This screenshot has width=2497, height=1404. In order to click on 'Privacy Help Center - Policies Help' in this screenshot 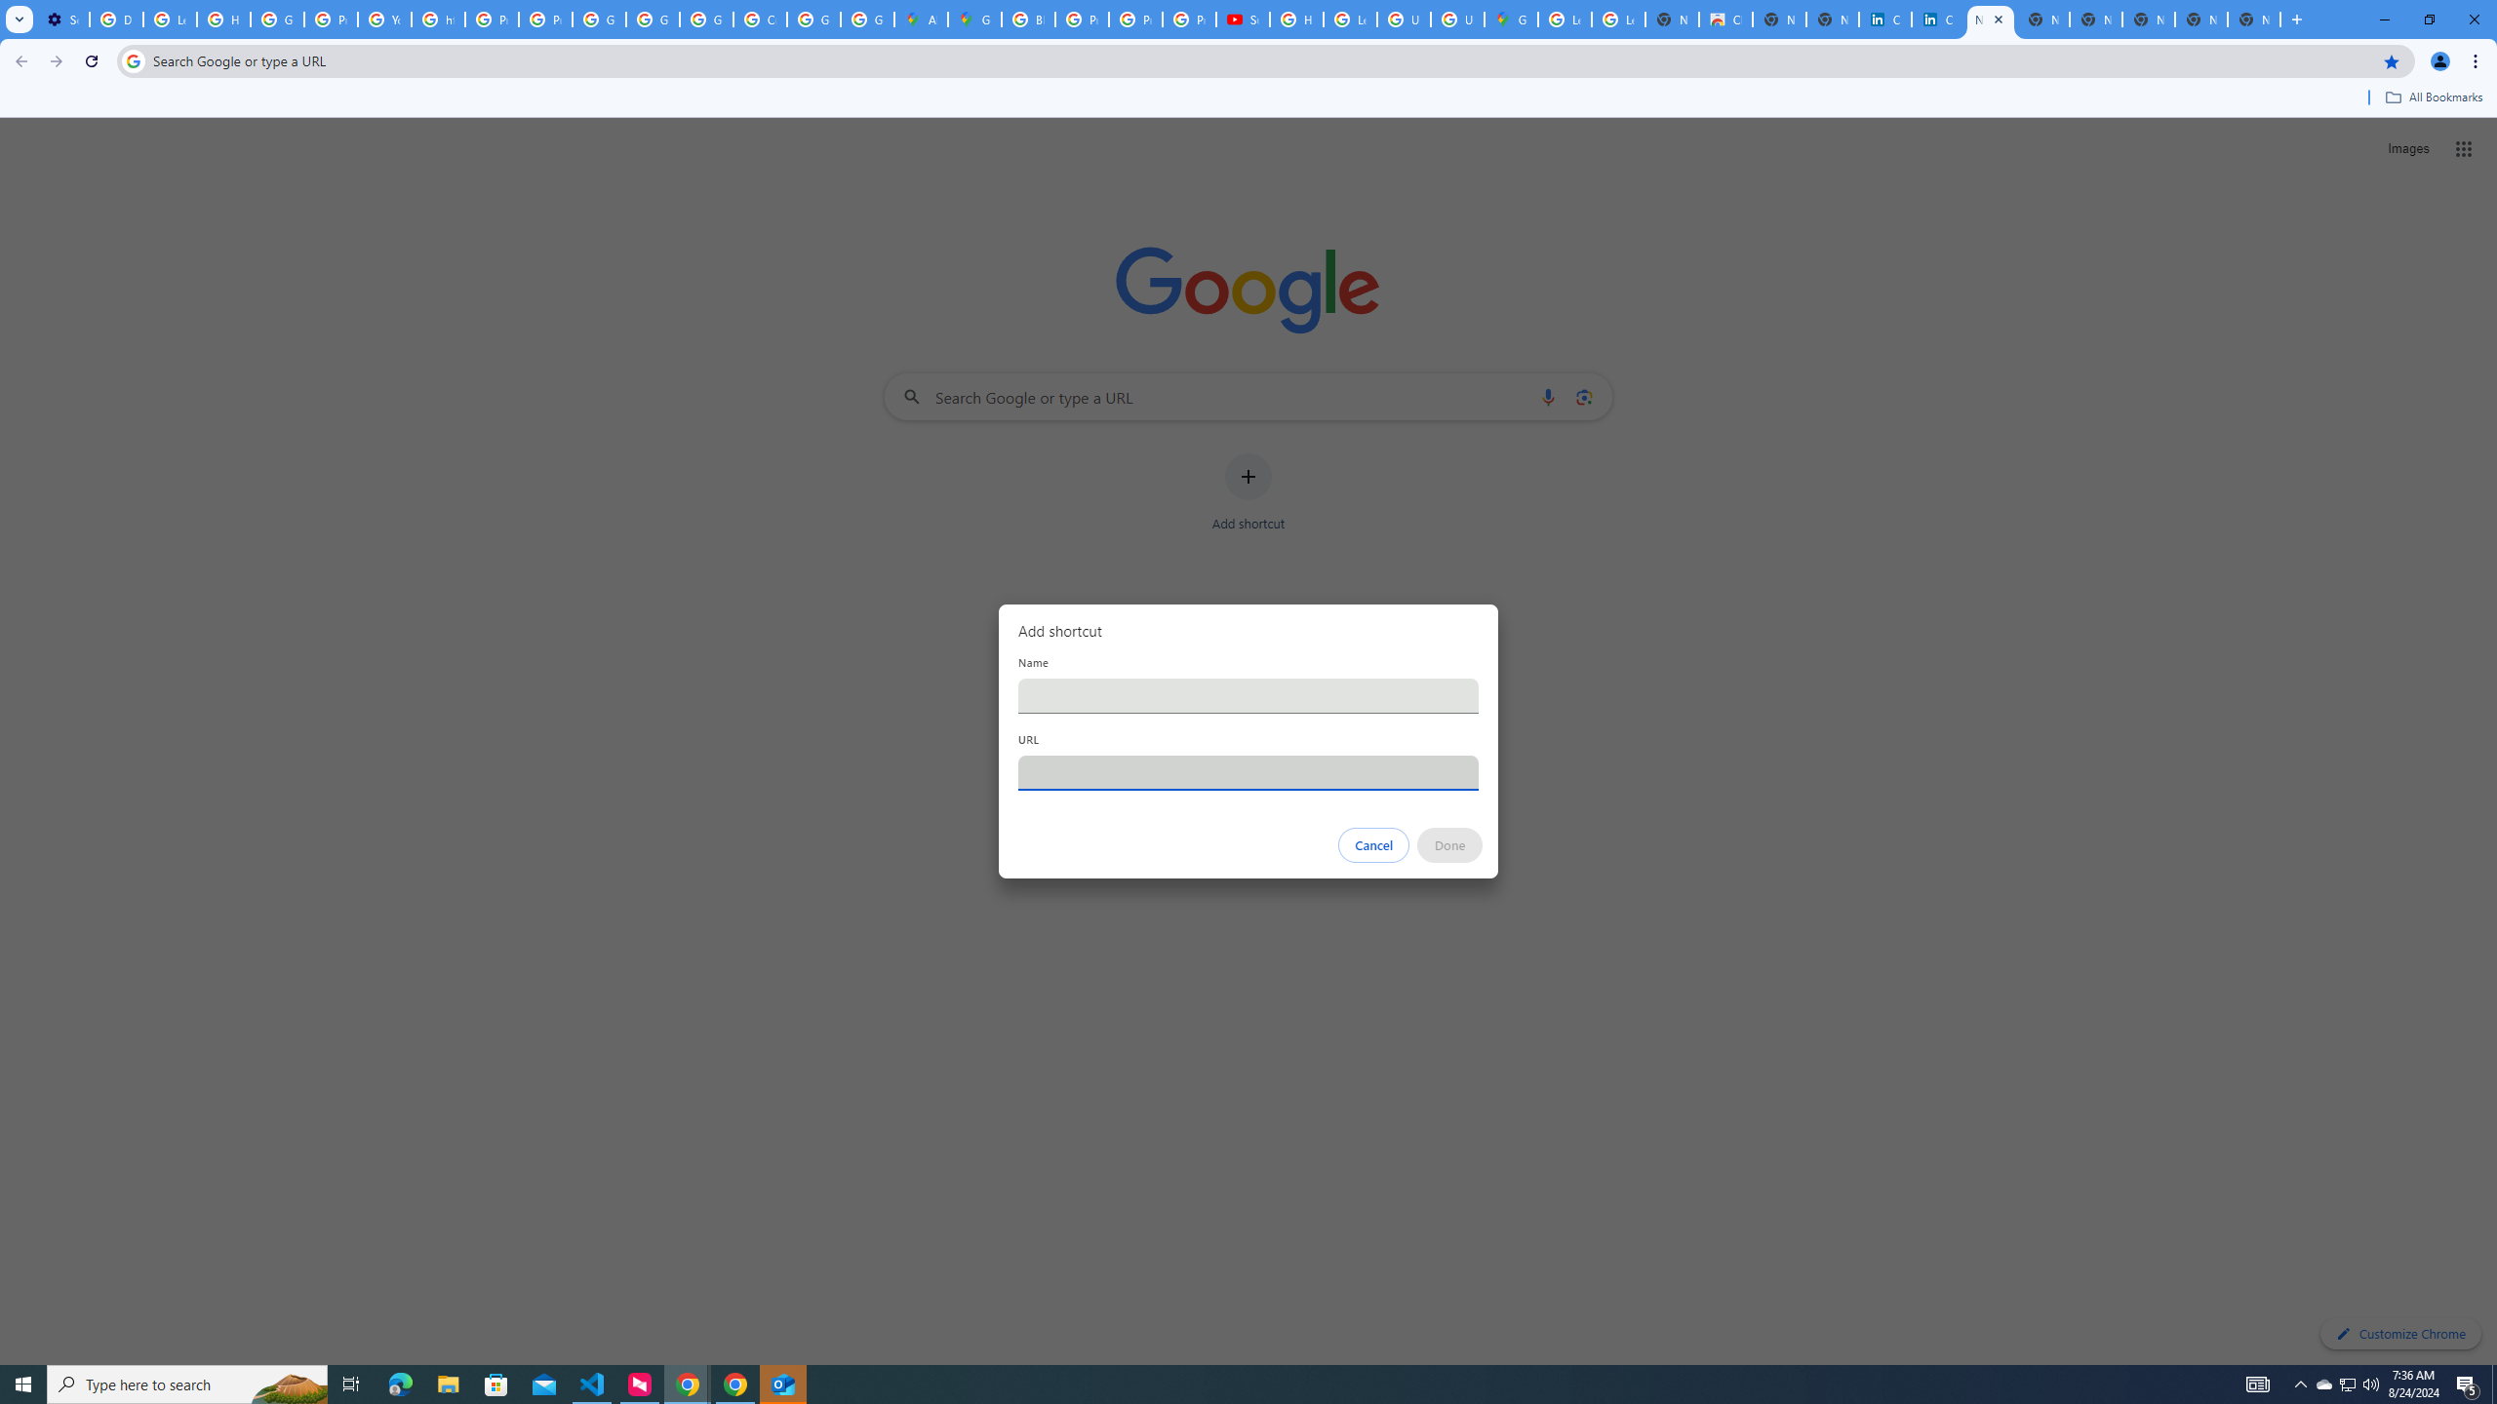, I will do `click(1081, 19)`.